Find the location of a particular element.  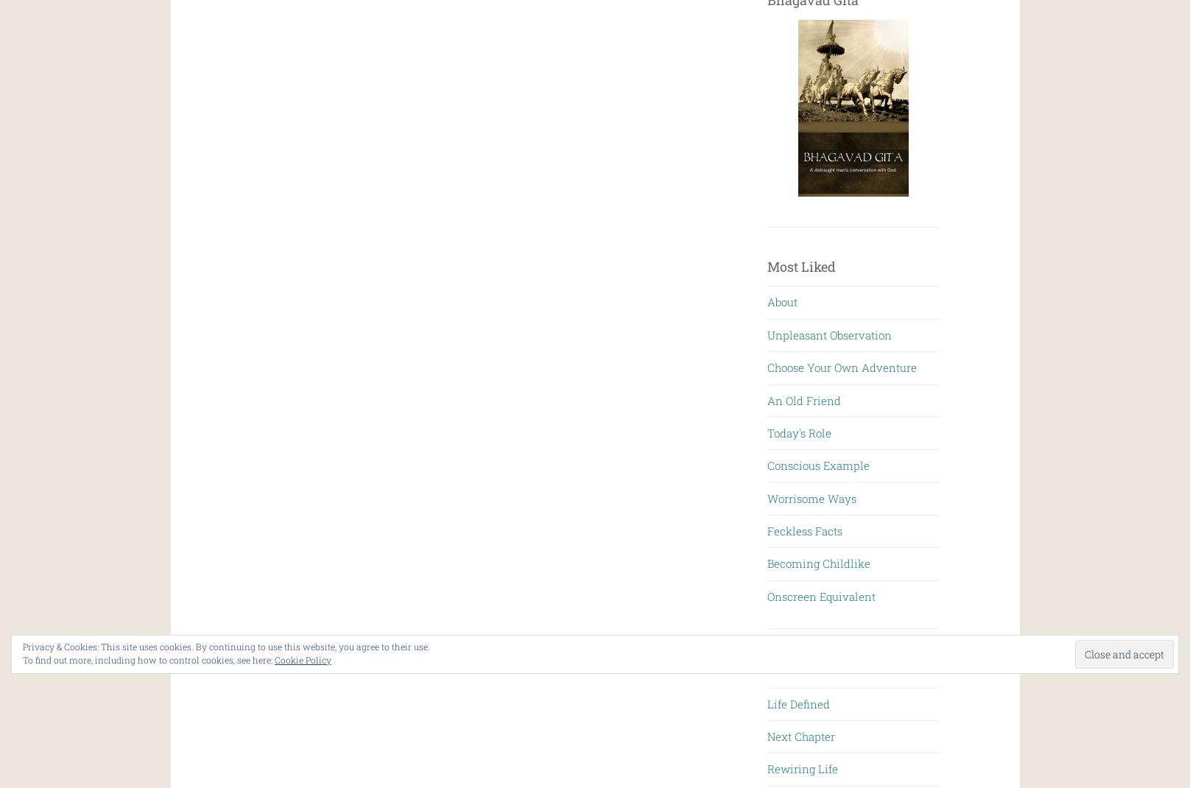

'Becoming Childlike' is located at coordinates (818, 563).